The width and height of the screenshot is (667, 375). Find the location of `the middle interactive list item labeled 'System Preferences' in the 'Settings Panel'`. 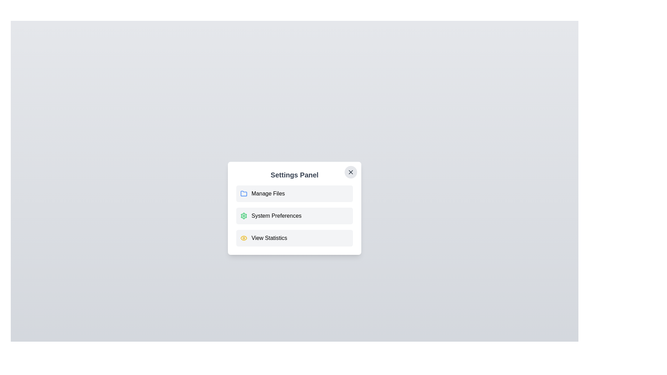

the middle interactive list item labeled 'System Preferences' in the 'Settings Panel' is located at coordinates (295, 215).